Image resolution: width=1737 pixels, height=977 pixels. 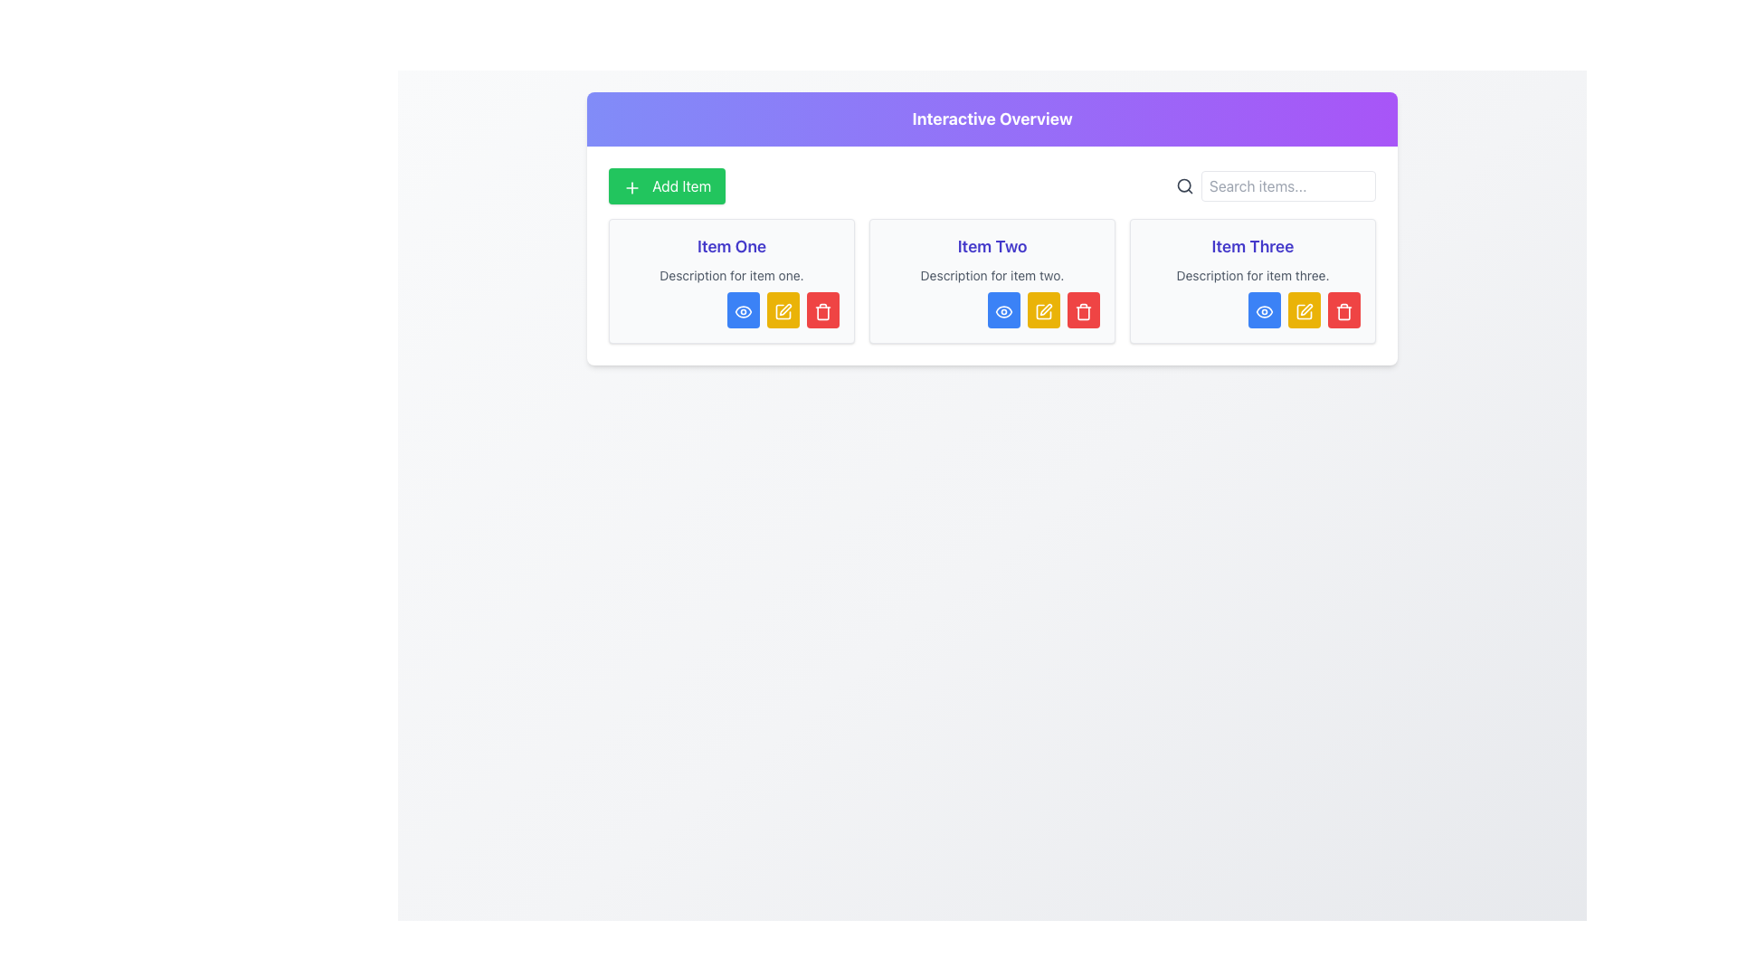 I want to click on the first action button labeled 'view' in the horizontal group of three buttons at the bottom of 'Item One', so click(x=743, y=309).